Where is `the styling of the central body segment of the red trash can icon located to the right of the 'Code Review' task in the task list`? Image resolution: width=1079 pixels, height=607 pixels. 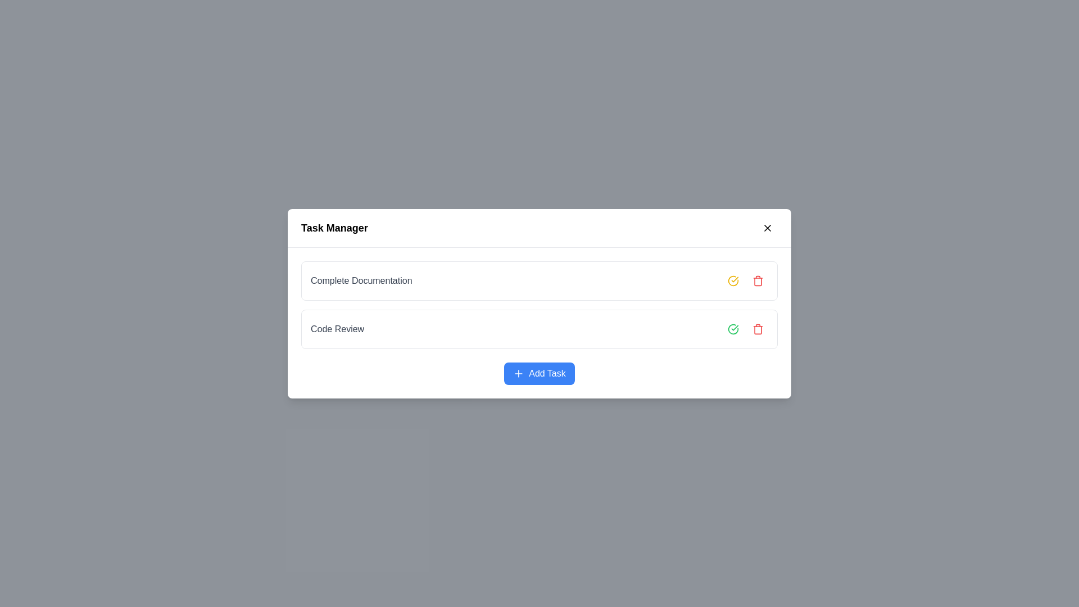 the styling of the central body segment of the red trash can icon located to the right of the 'Code Review' task in the task list is located at coordinates (758, 281).